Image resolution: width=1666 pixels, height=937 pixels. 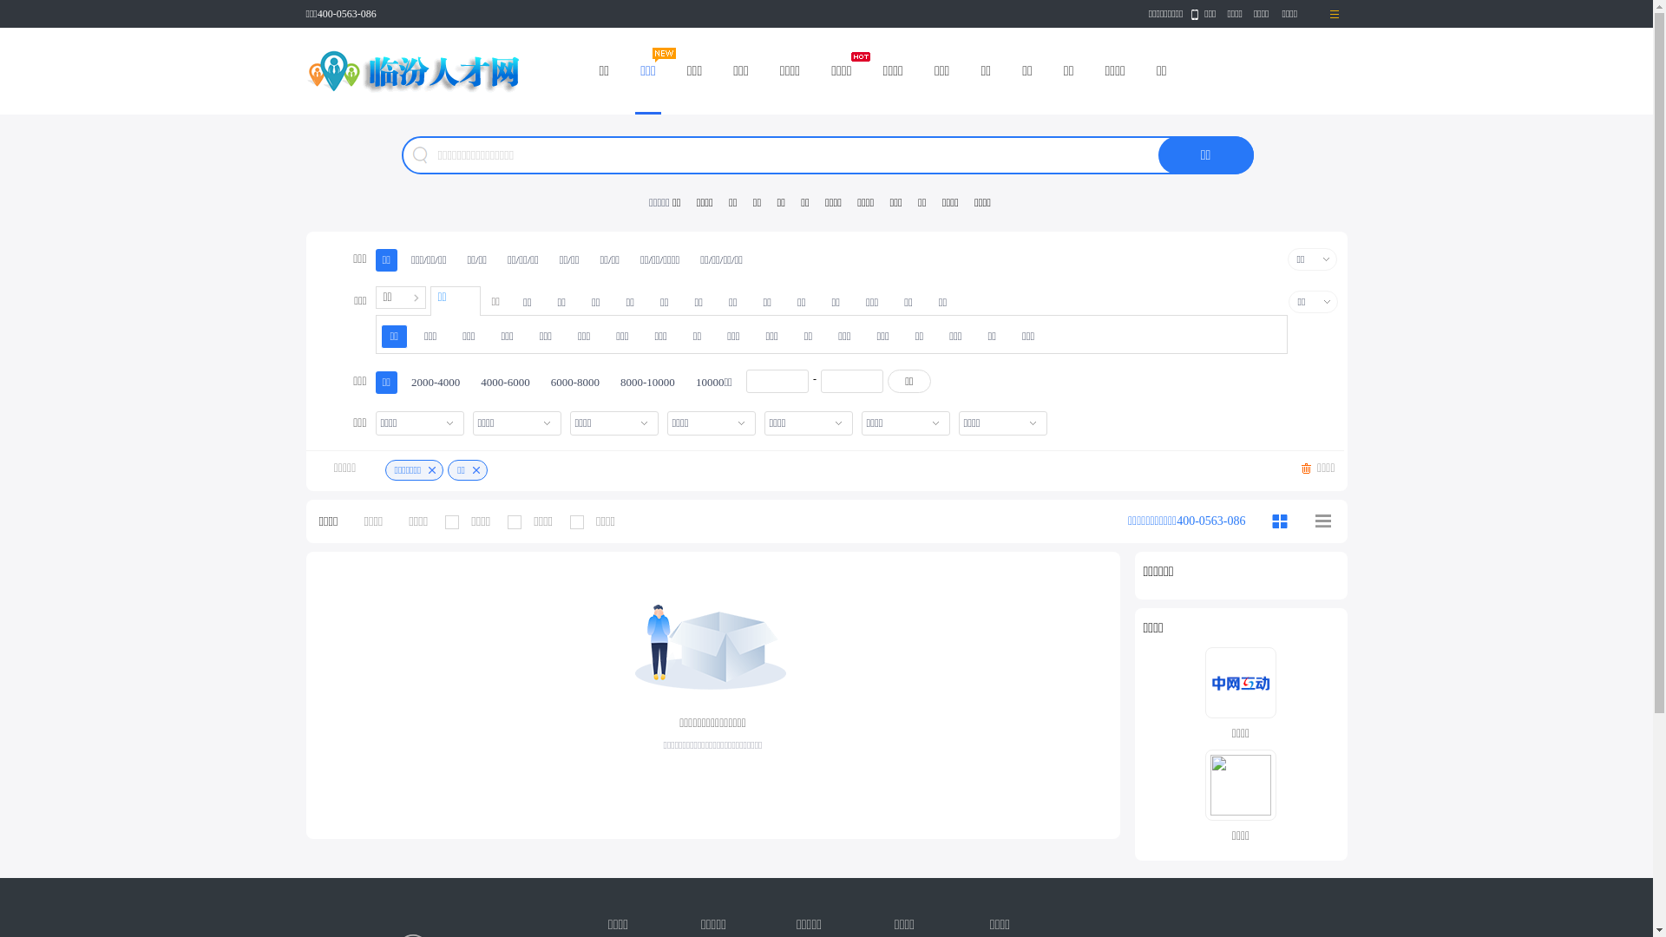 What do you see at coordinates (403, 381) in the screenshot?
I see `'2000-4000'` at bounding box center [403, 381].